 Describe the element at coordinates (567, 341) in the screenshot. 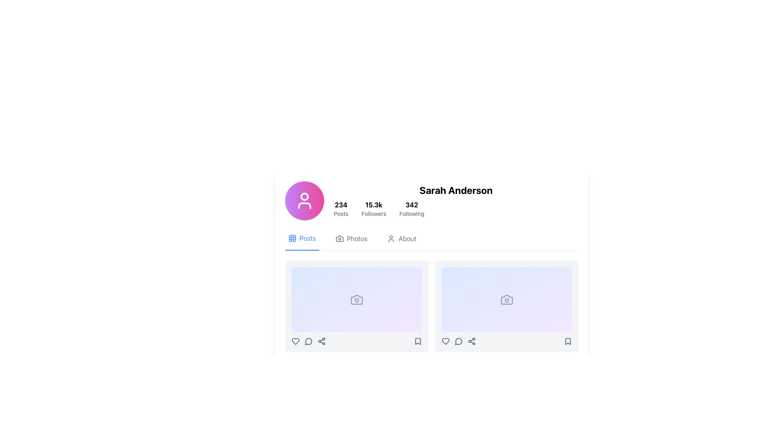

I see `the bookmark-shaped icon button located at the bottom-right corner of the second post on the page to observe the color transition effect from gray to yellow` at that location.